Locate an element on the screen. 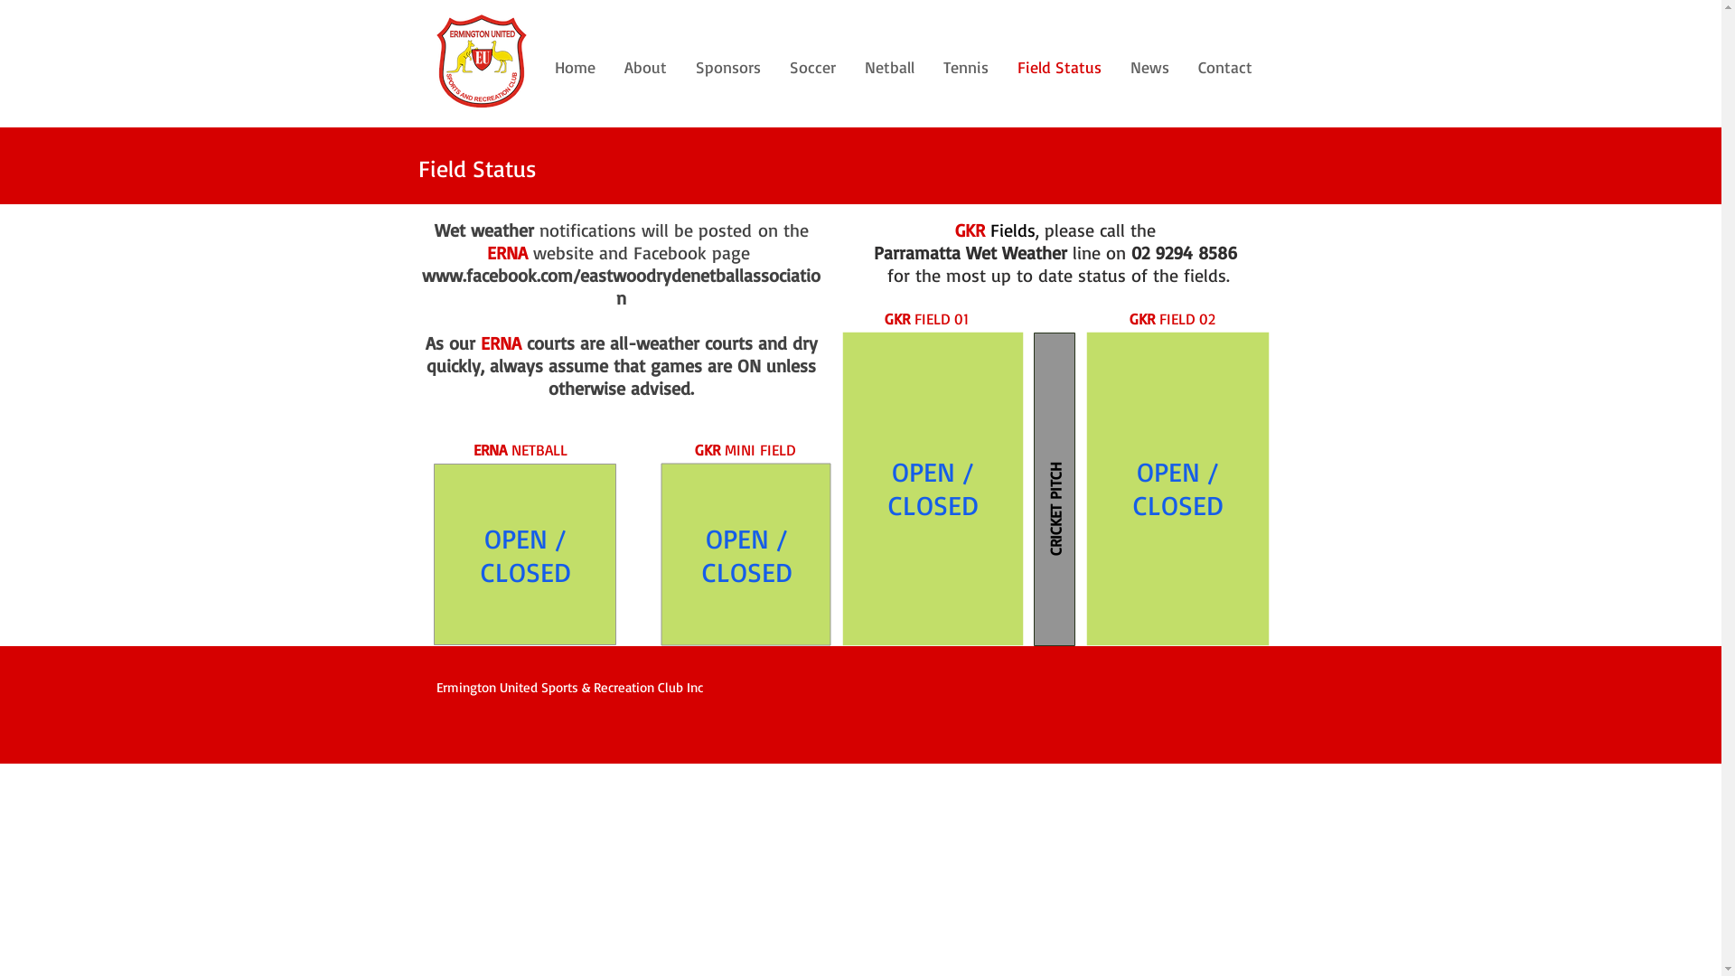 The width and height of the screenshot is (1735, 976). 'About' is located at coordinates (646, 66).